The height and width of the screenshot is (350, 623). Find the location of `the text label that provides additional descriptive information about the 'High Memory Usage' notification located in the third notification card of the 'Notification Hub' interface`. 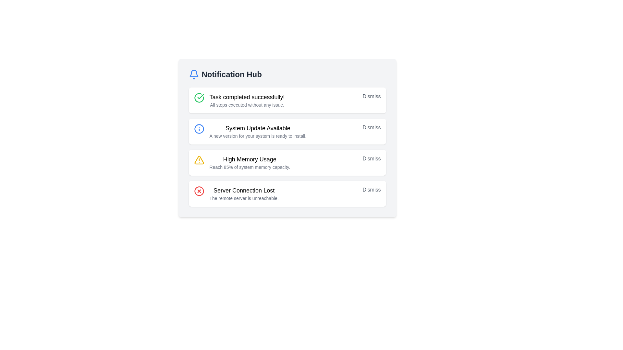

the text label that provides additional descriptive information about the 'High Memory Usage' notification located in the third notification card of the 'Notification Hub' interface is located at coordinates (249, 167).